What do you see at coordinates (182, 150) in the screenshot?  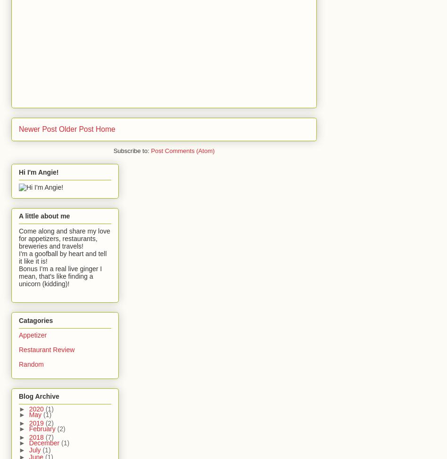 I see `'Post Comments (Atom)'` at bounding box center [182, 150].